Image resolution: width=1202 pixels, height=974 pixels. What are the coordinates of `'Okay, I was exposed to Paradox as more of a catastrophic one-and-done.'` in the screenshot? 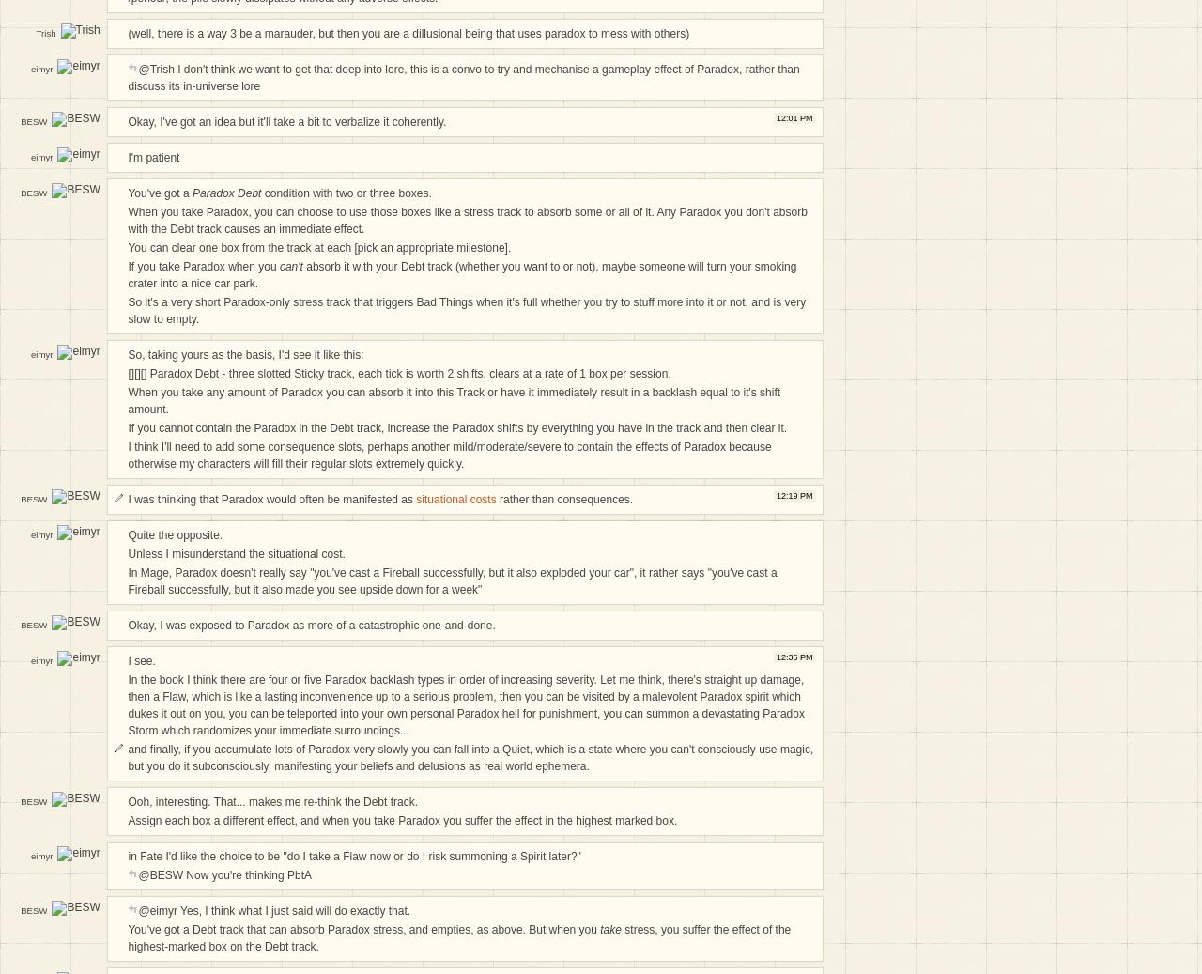 It's located at (311, 625).